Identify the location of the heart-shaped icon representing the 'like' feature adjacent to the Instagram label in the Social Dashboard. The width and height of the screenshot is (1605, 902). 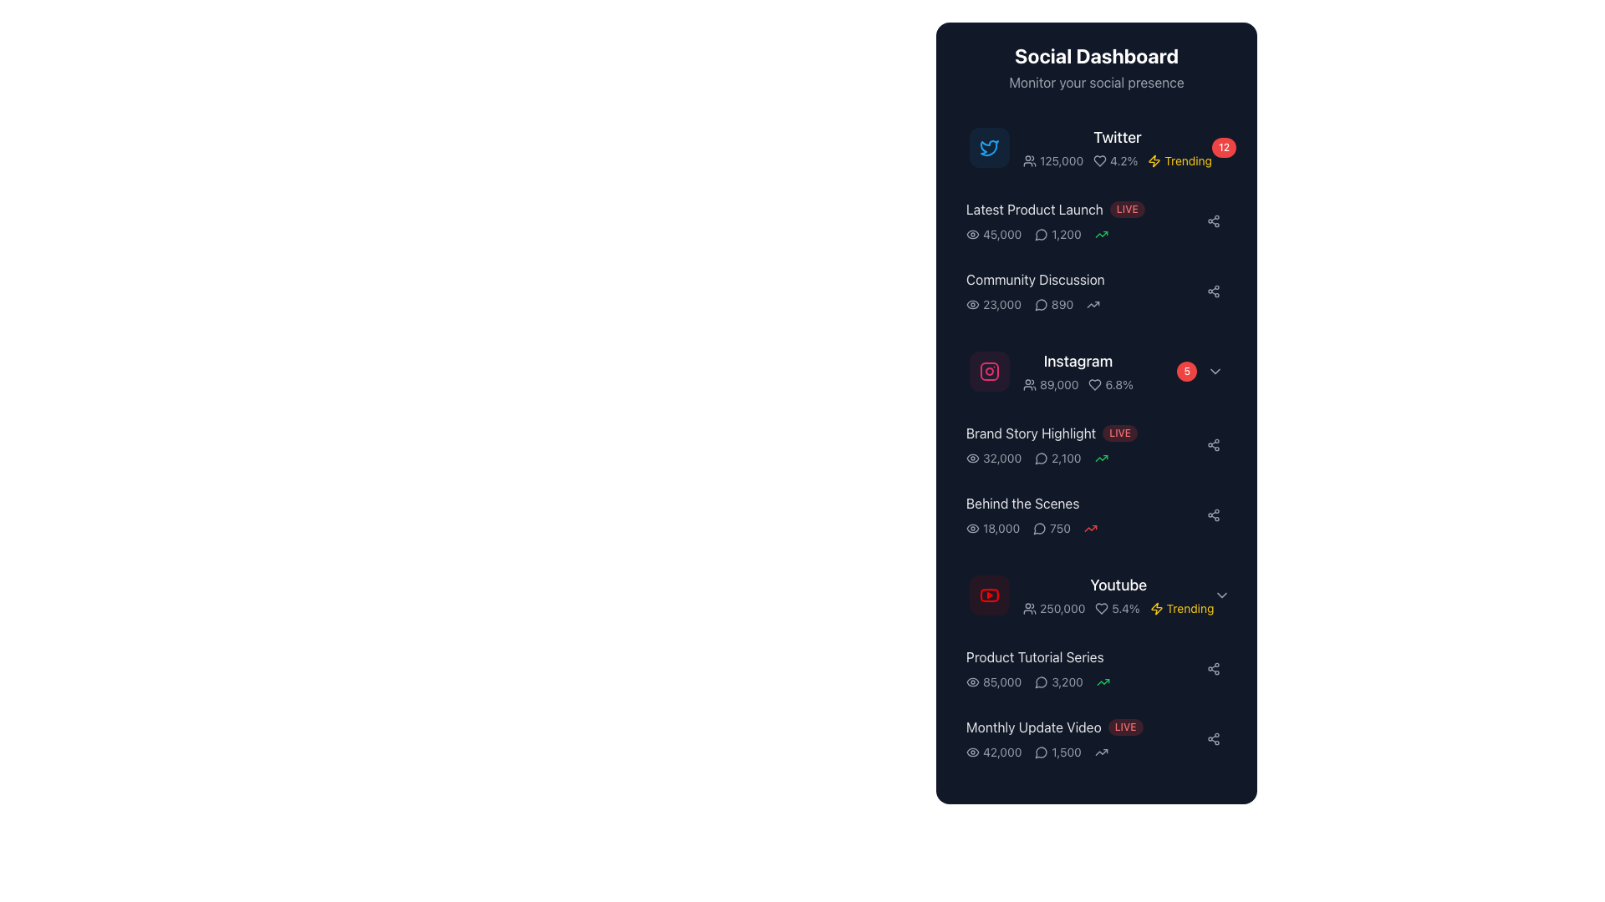
(1095, 385).